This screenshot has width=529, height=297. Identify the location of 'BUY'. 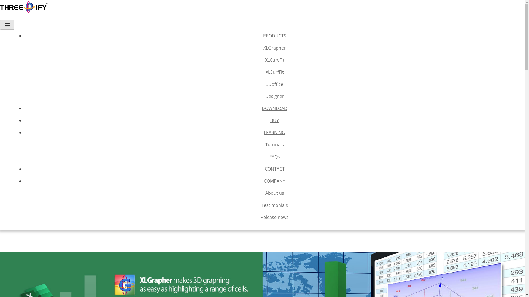
(274, 120).